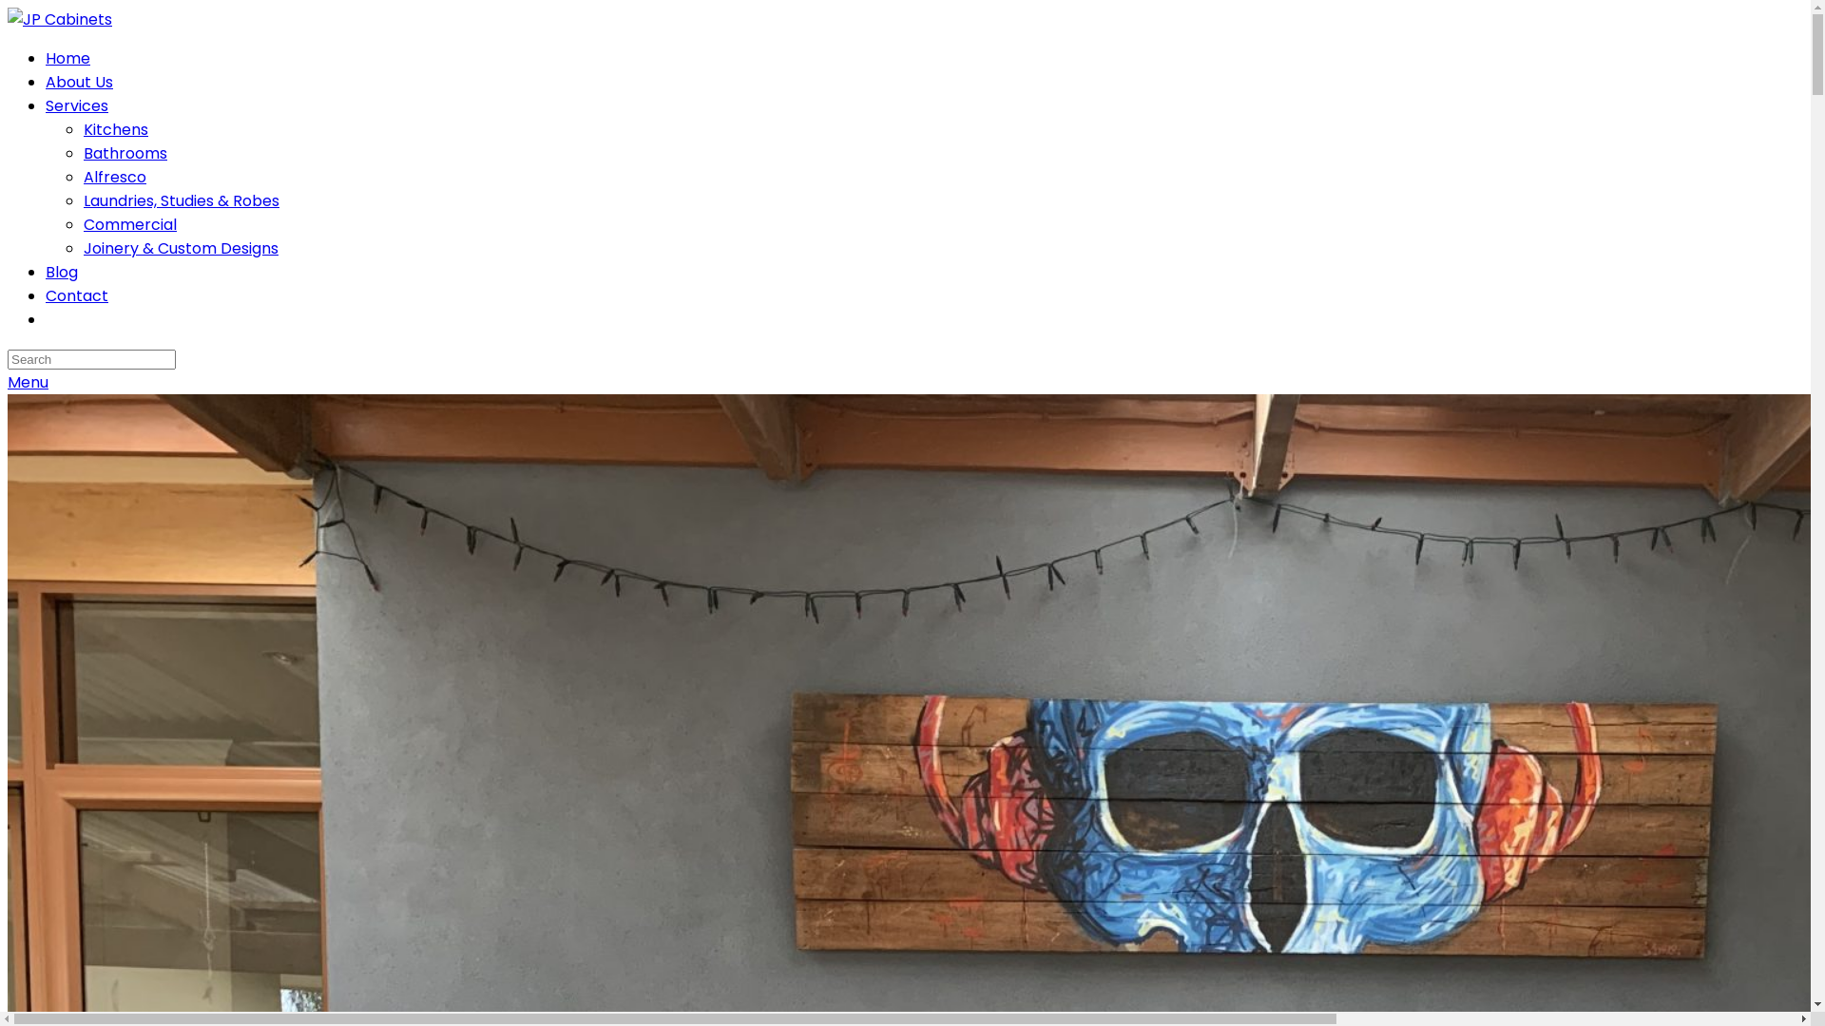  Describe the element at coordinates (182, 200) in the screenshot. I see `'Laundries, Studies & Robes'` at that location.